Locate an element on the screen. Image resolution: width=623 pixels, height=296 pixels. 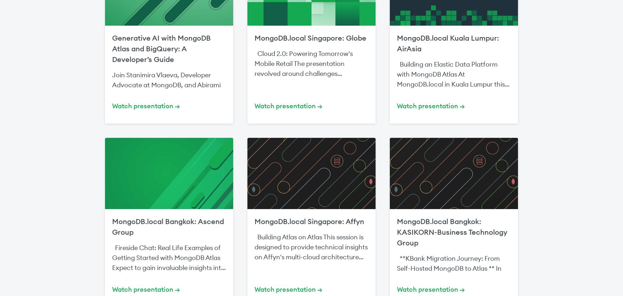
'Join Stanimira Vlaeva, Developer Advocate at MongoDB, and Abirami Sukumaran, Developer Advocate at Google, for this developer-friendly webinar. Discover how to leverage Gen AI with MongoDB Atlas and BigQuery for generative natural language tasks. We will walk you through a practical use case, step-by-step, covering:




Moving subsets of operational MongoDB Atlas data into BigQuery.


Creating machine learning models in BigQuery ML.


Using Generative AI models to perform generative natural language tasks, such as generating text, translating languages, and writing different kinds of creative content.' is located at coordinates (169, 159).